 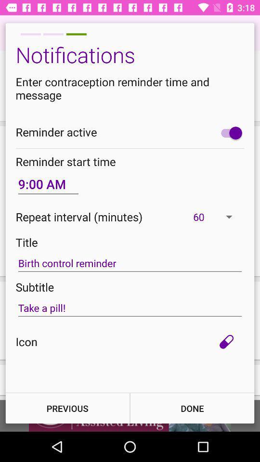 What do you see at coordinates (130, 308) in the screenshot?
I see `take a pill! icon` at bounding box center [130, 308].